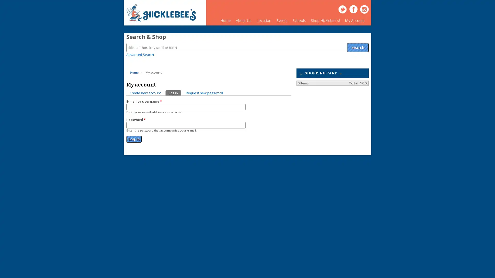 The height and width of the screenshot is (278, 495). I want to click on Log in, so click(134, 136).